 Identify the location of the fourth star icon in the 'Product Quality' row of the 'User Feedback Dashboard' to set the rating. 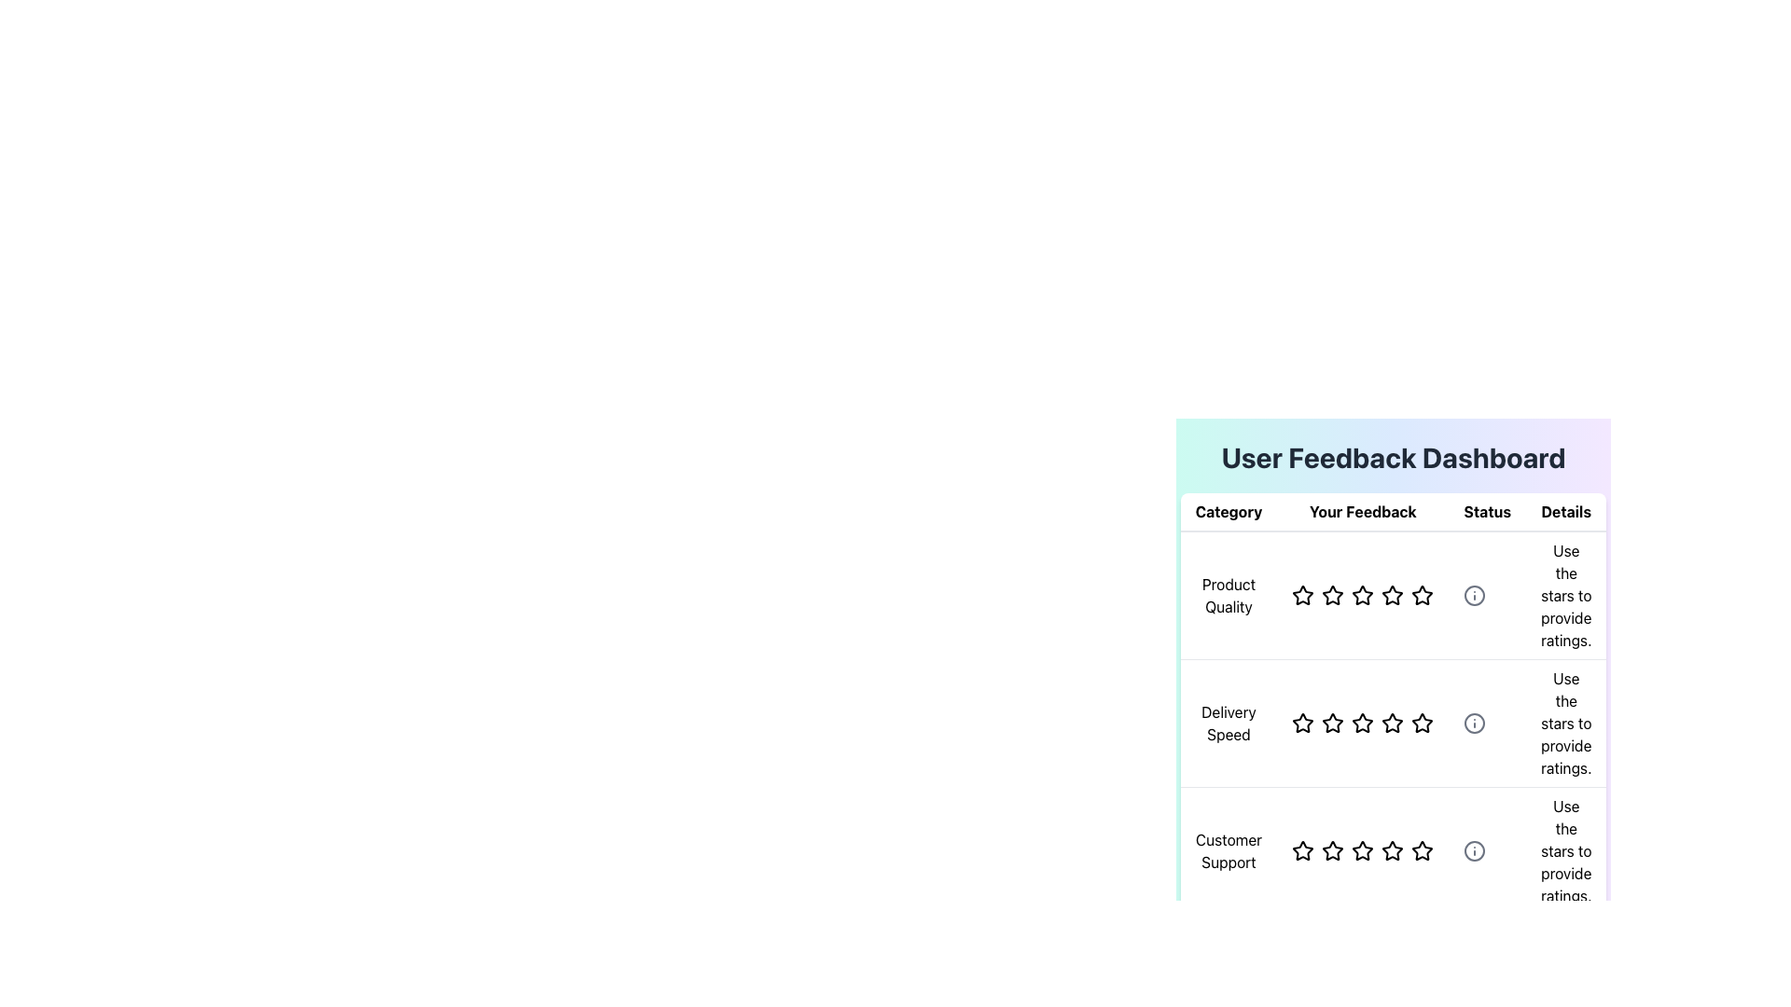
(1363, 596).